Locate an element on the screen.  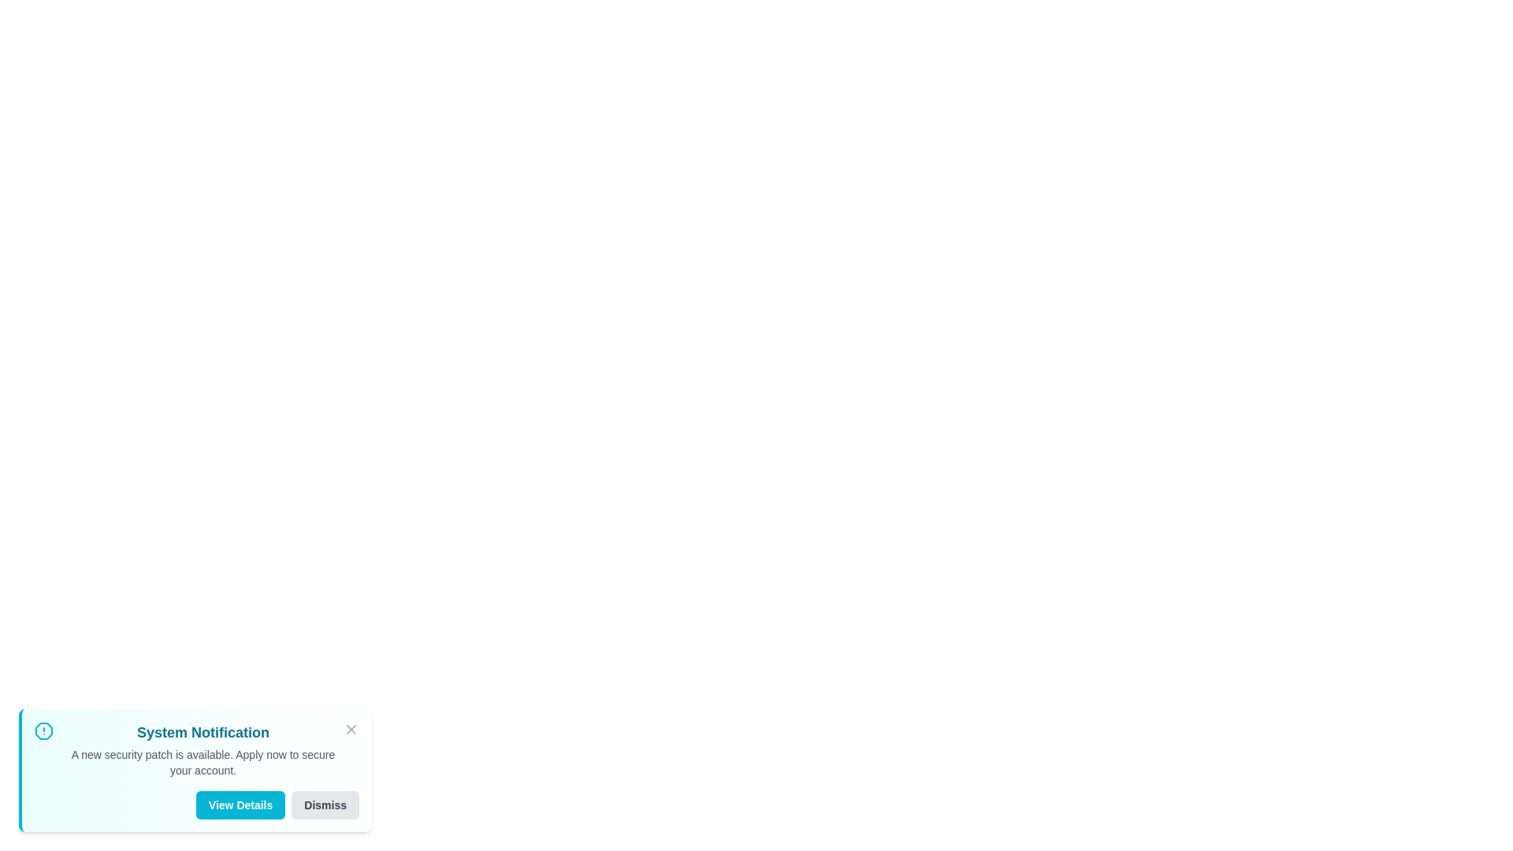
the close button to dismiss the alert is located at coordinates (351, 729).